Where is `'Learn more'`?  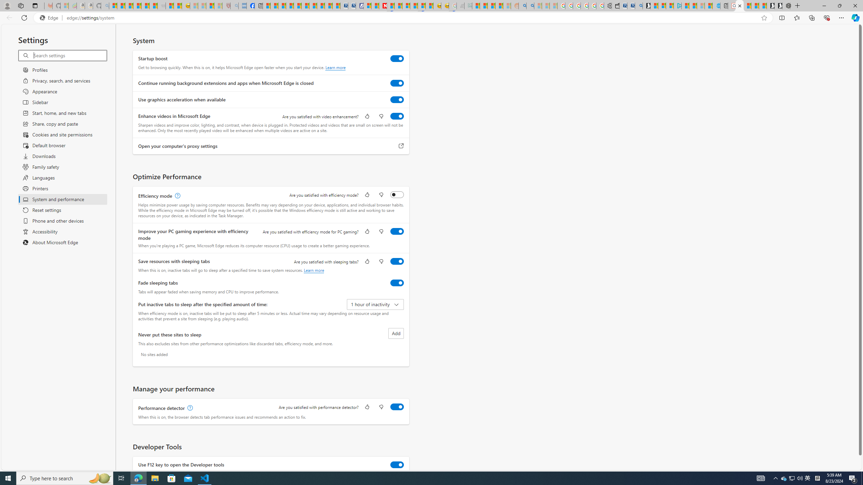 'Learn more' is located at coordinates (314, 270).